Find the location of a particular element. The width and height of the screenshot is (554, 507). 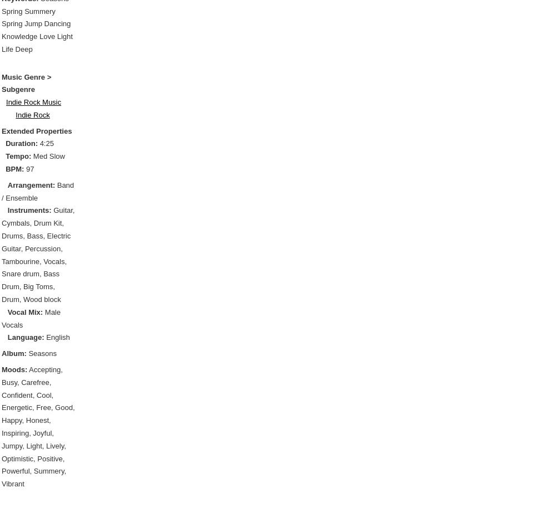

'Instruments:' is located at coordinates (28, 210).